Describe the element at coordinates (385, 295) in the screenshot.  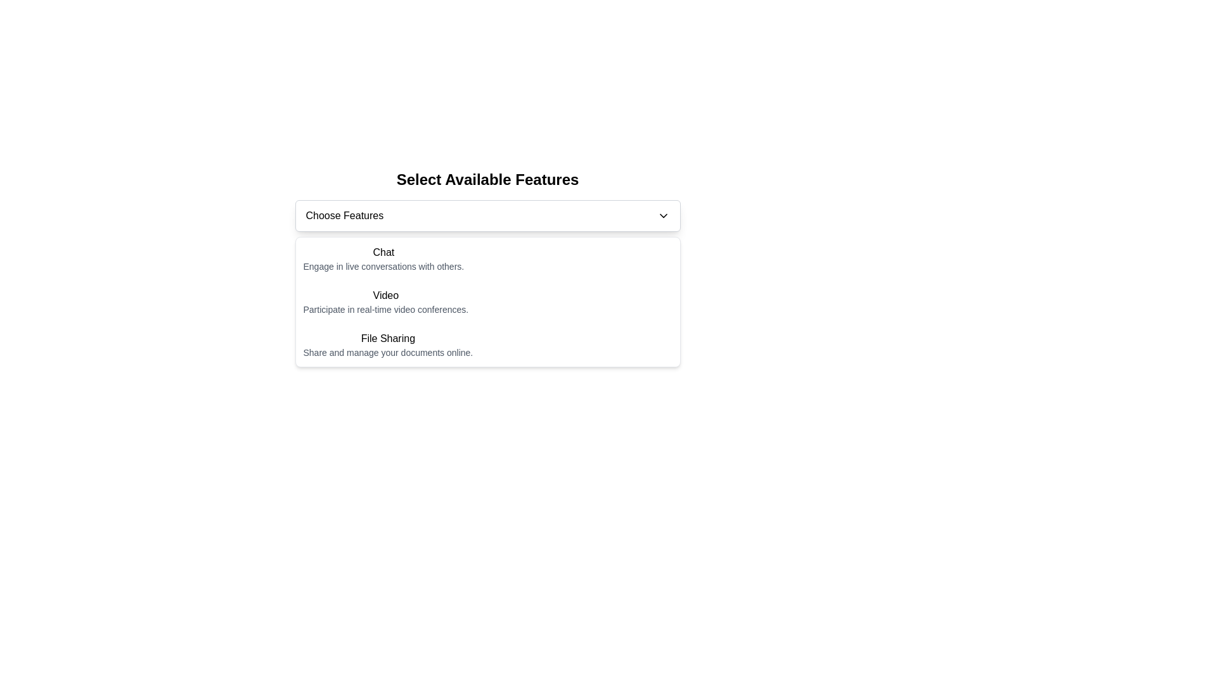
I see `the text label that serves as the title for the video conferencing feature, which is centrally positioned and reads 'Participate in real-time video conferences.'` at that location.